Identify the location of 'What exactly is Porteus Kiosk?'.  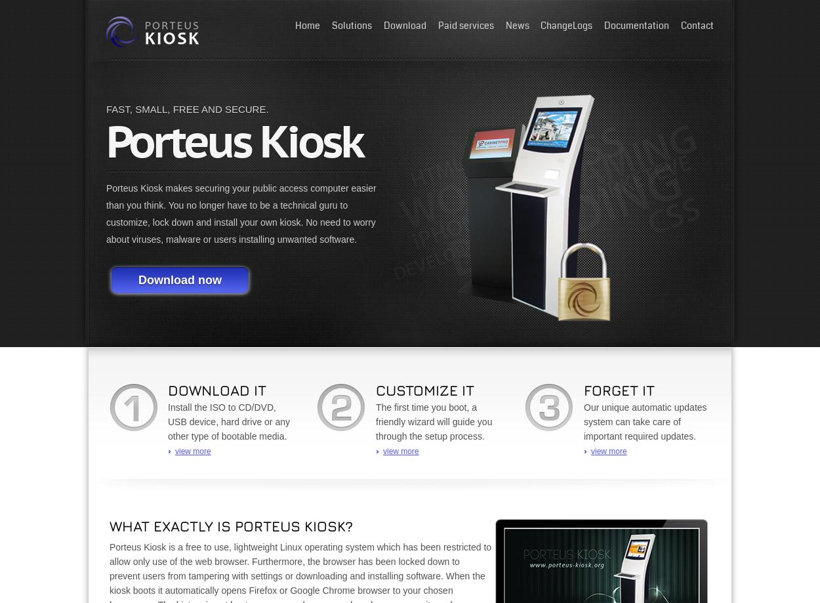
(110, 526).